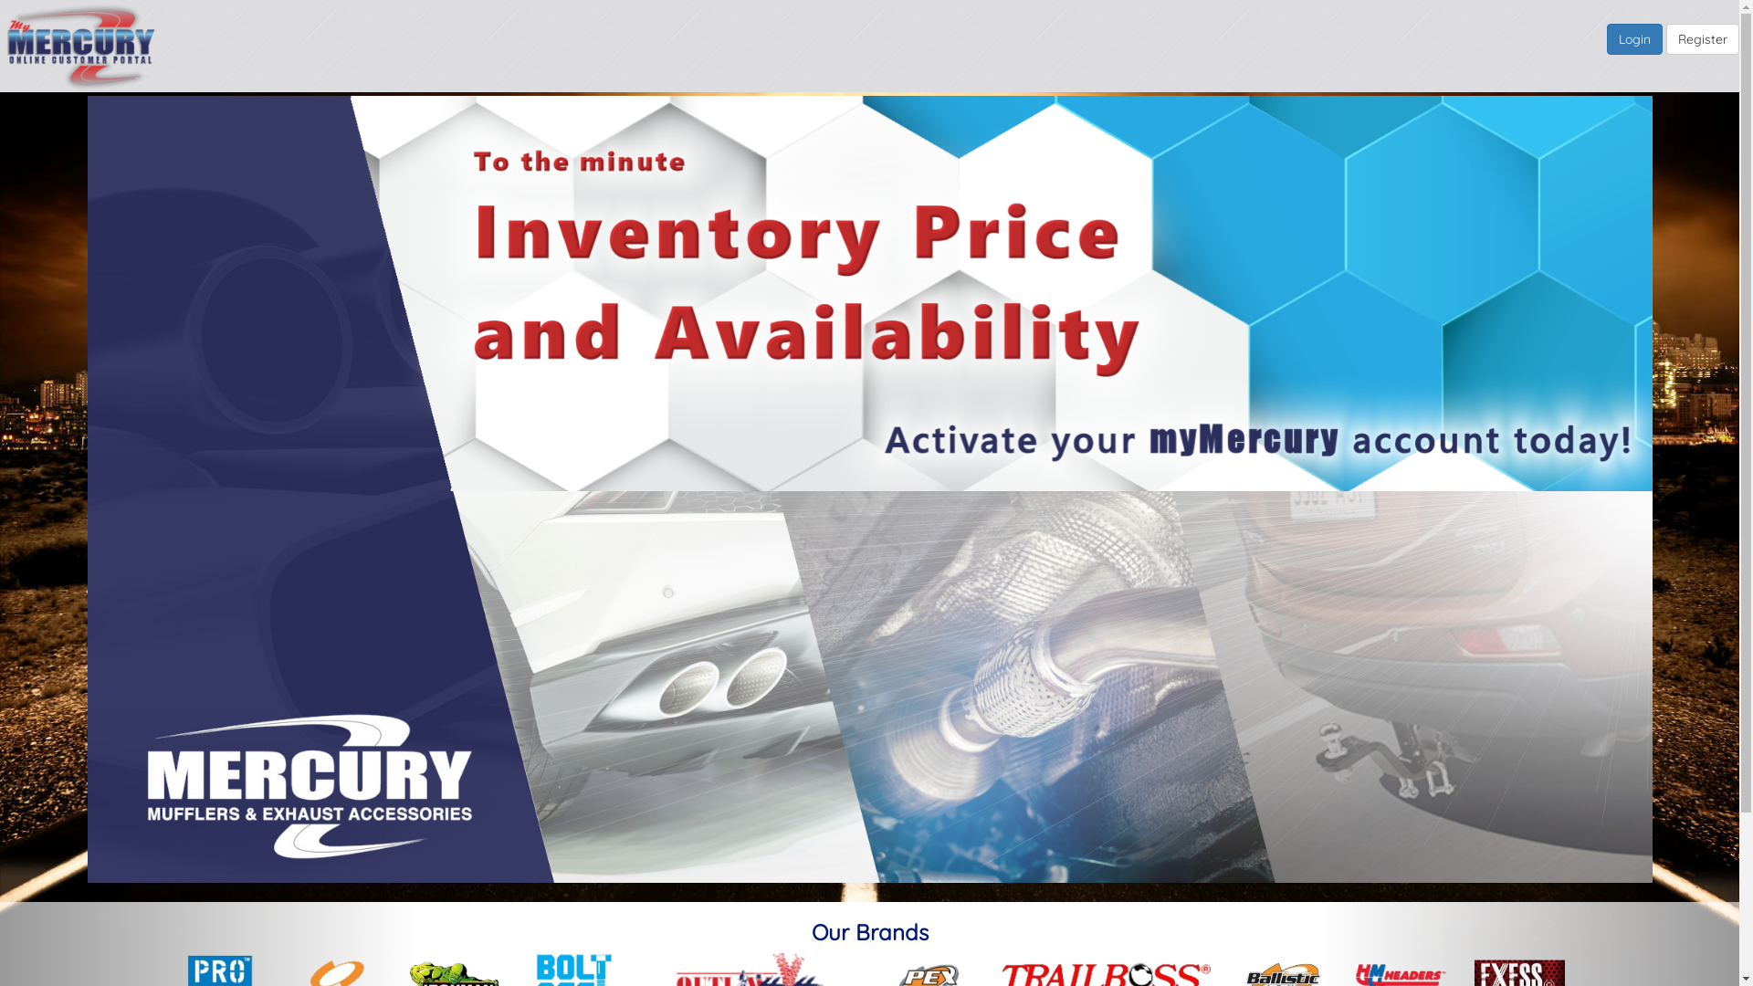 This screenshot has height=986, width=1753. What do you see at coordinates (1634, 38) in the screenshot?
I see `'Login'` at bounding box center [1634, 38].